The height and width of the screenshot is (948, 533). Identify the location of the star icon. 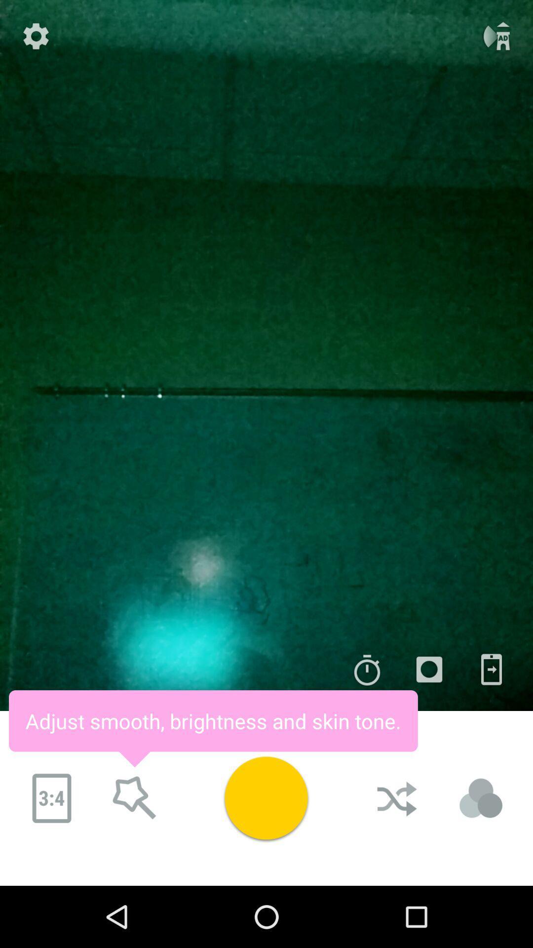
(135, 798).